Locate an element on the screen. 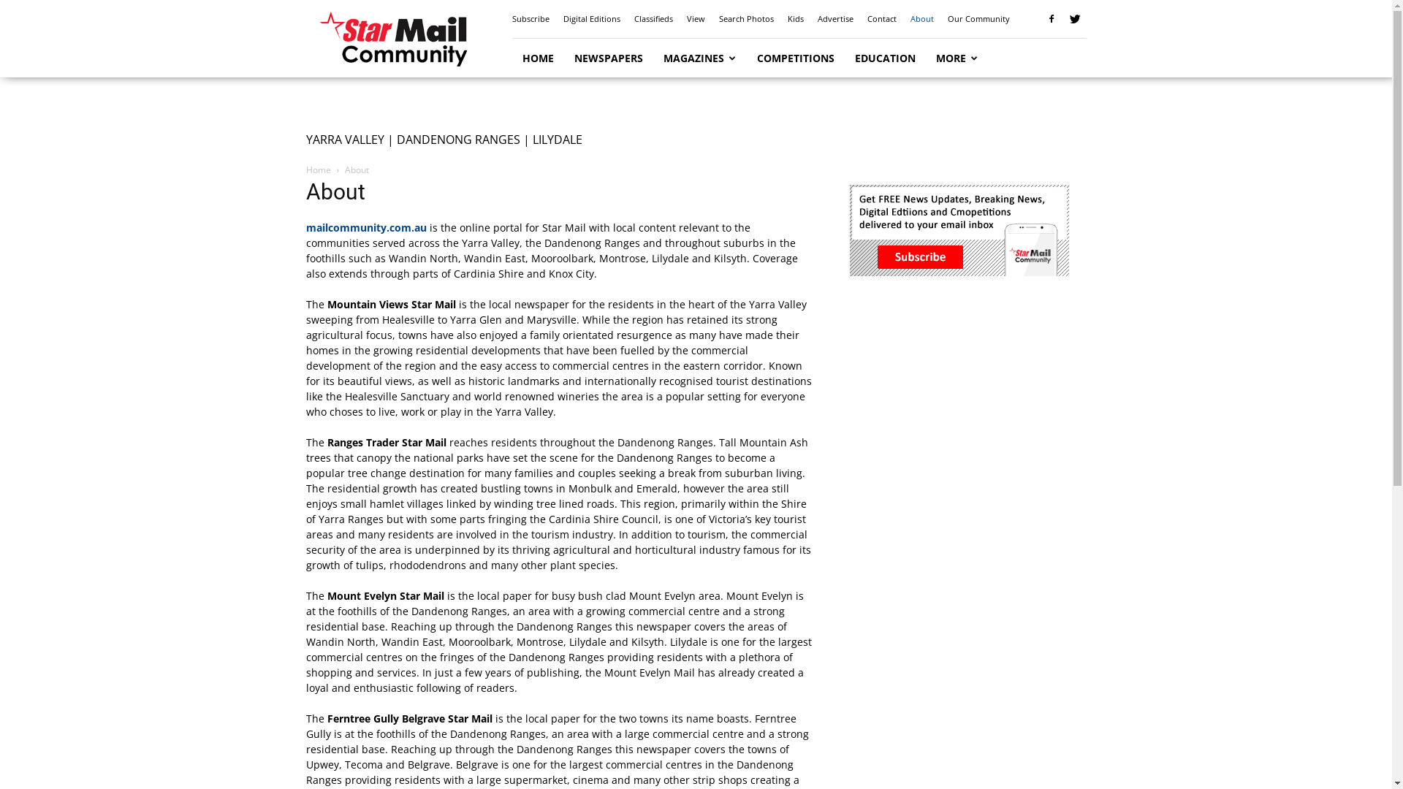 The width and height of the screenshot is (1403, 789). 'Advertise' is located at coordinates (834, 18).